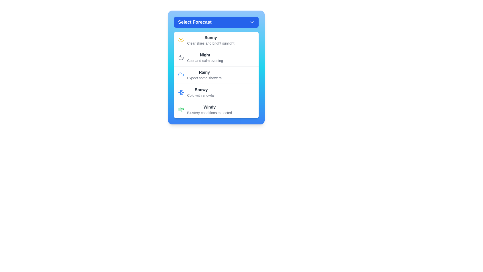 This screenshot has height=272, width=483. Describe the element at coordinates (210, 112) in the screenshot. I see `gray text stating 'Blustery conditions expected' located below the bold text 'Windy' under the wind icon in the forecast dropdown` at that location.